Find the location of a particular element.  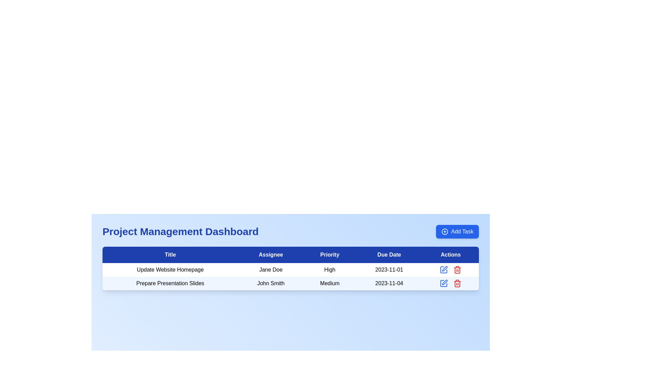

the static label 'Medium' located in the second row under the 'Priority' column, positioned between 'John Smith' and '2023-11-04' is located at coordinates (330, 283).